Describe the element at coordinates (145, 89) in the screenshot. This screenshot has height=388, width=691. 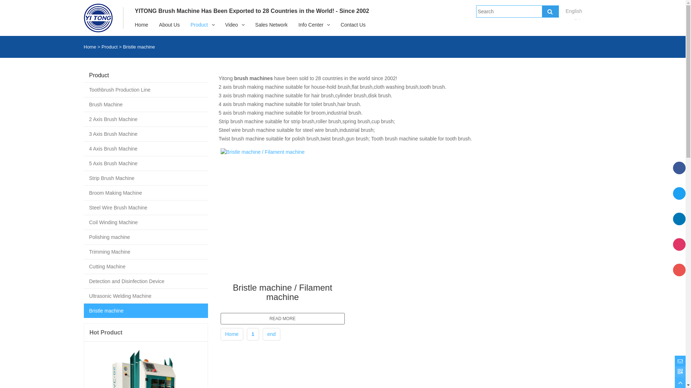
I see `'Toothbrush Production Line'` at that location.